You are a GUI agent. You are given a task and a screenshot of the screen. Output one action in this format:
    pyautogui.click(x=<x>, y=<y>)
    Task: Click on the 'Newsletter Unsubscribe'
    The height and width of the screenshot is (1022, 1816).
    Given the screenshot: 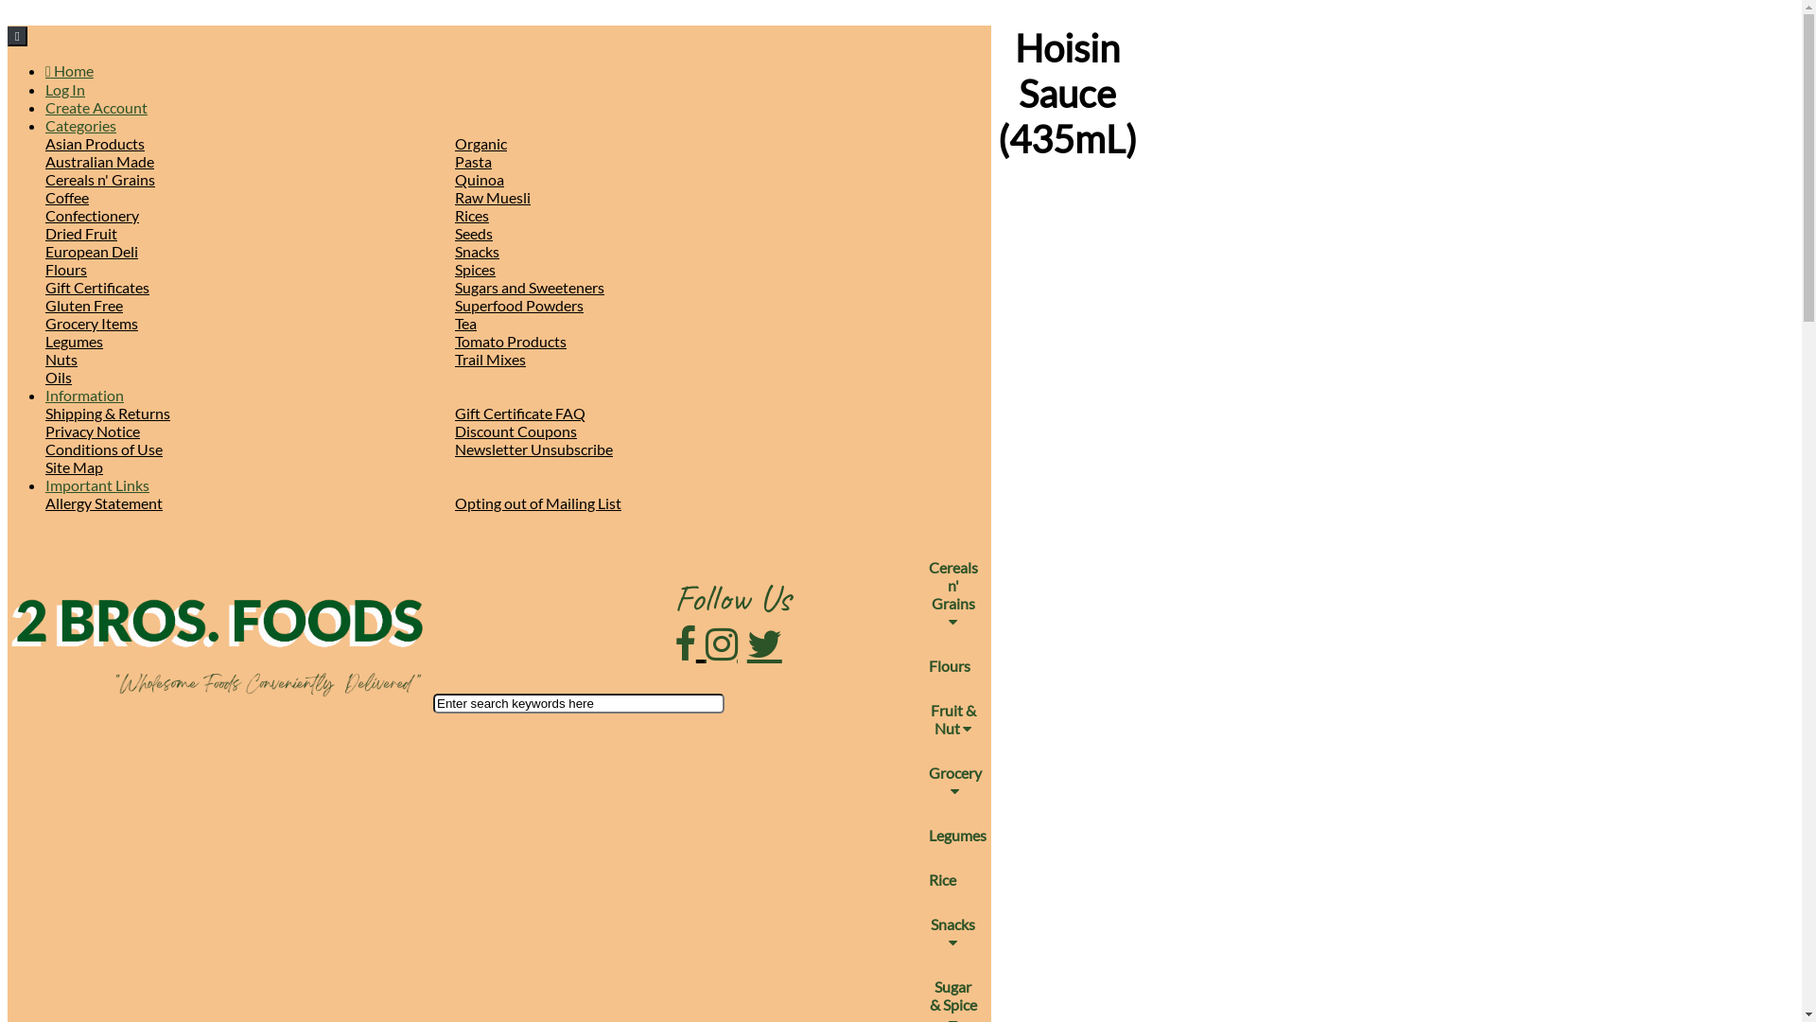 What is the action you would take?
    pyautogui.click(x=454, y=449)
    